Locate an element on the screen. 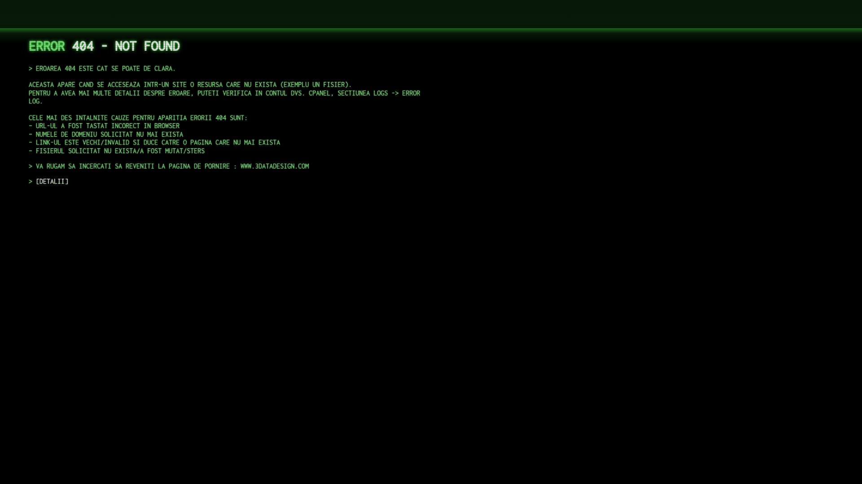 Image resolution: width=862 pixels, height=484 pixels. 'DETALII' is located at coordinates (51, 181).